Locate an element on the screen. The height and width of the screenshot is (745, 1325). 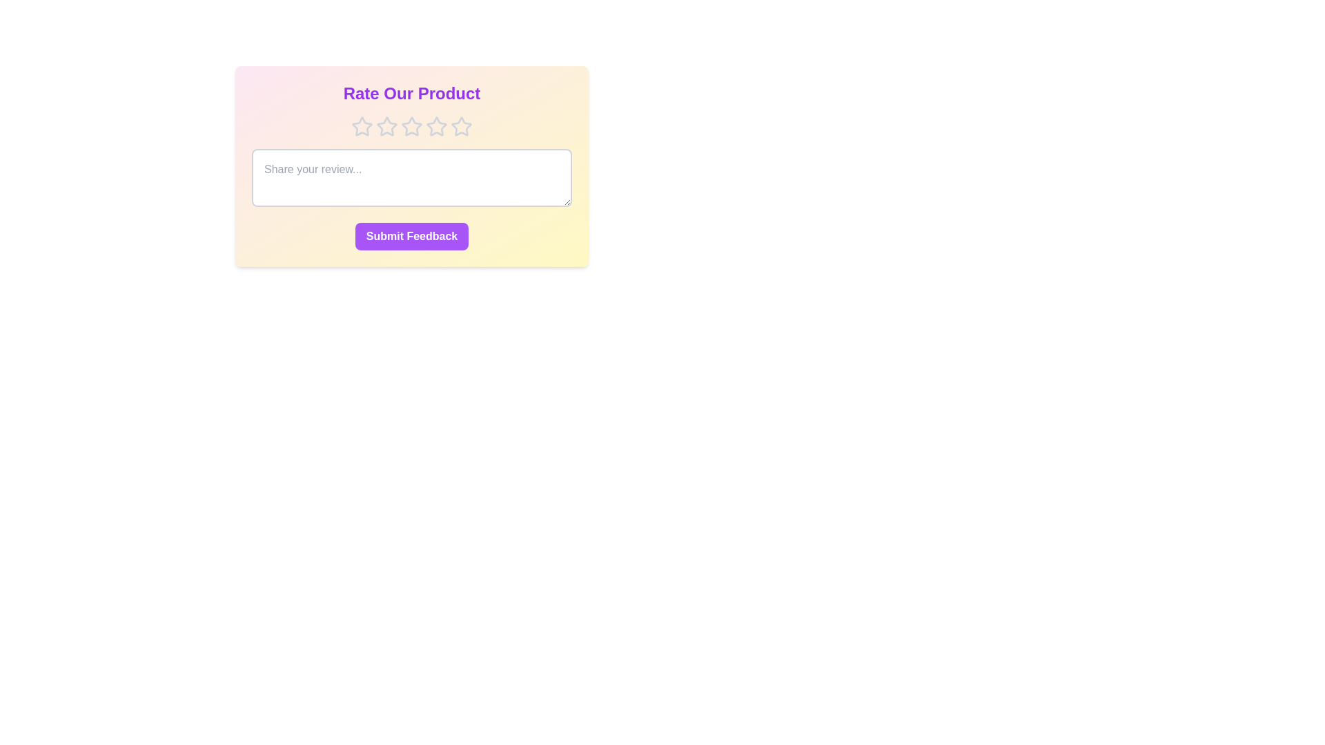
the star corresponding to 1 to preview the selection effect is located at coordinates (362, 127).